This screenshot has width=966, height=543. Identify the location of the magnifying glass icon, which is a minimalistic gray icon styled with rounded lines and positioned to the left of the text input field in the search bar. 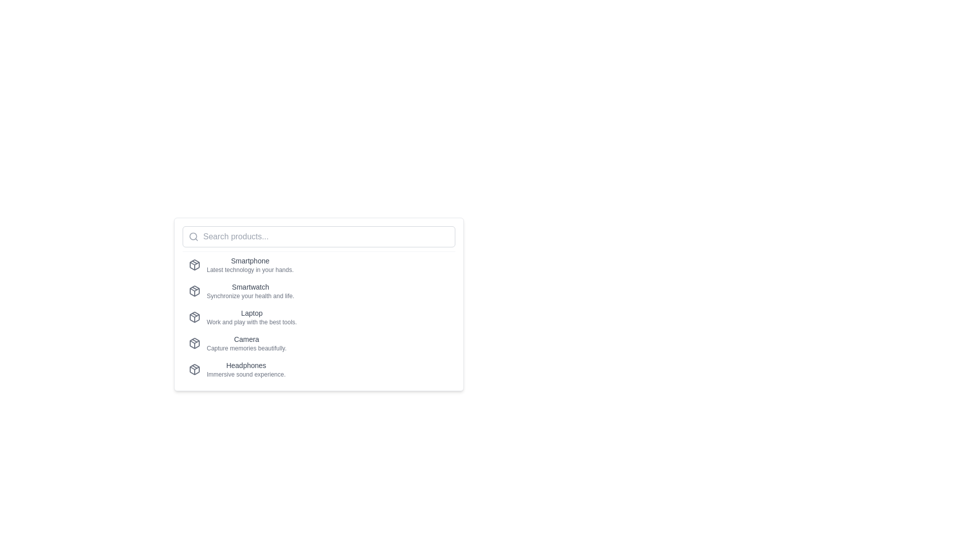
(193, 236).